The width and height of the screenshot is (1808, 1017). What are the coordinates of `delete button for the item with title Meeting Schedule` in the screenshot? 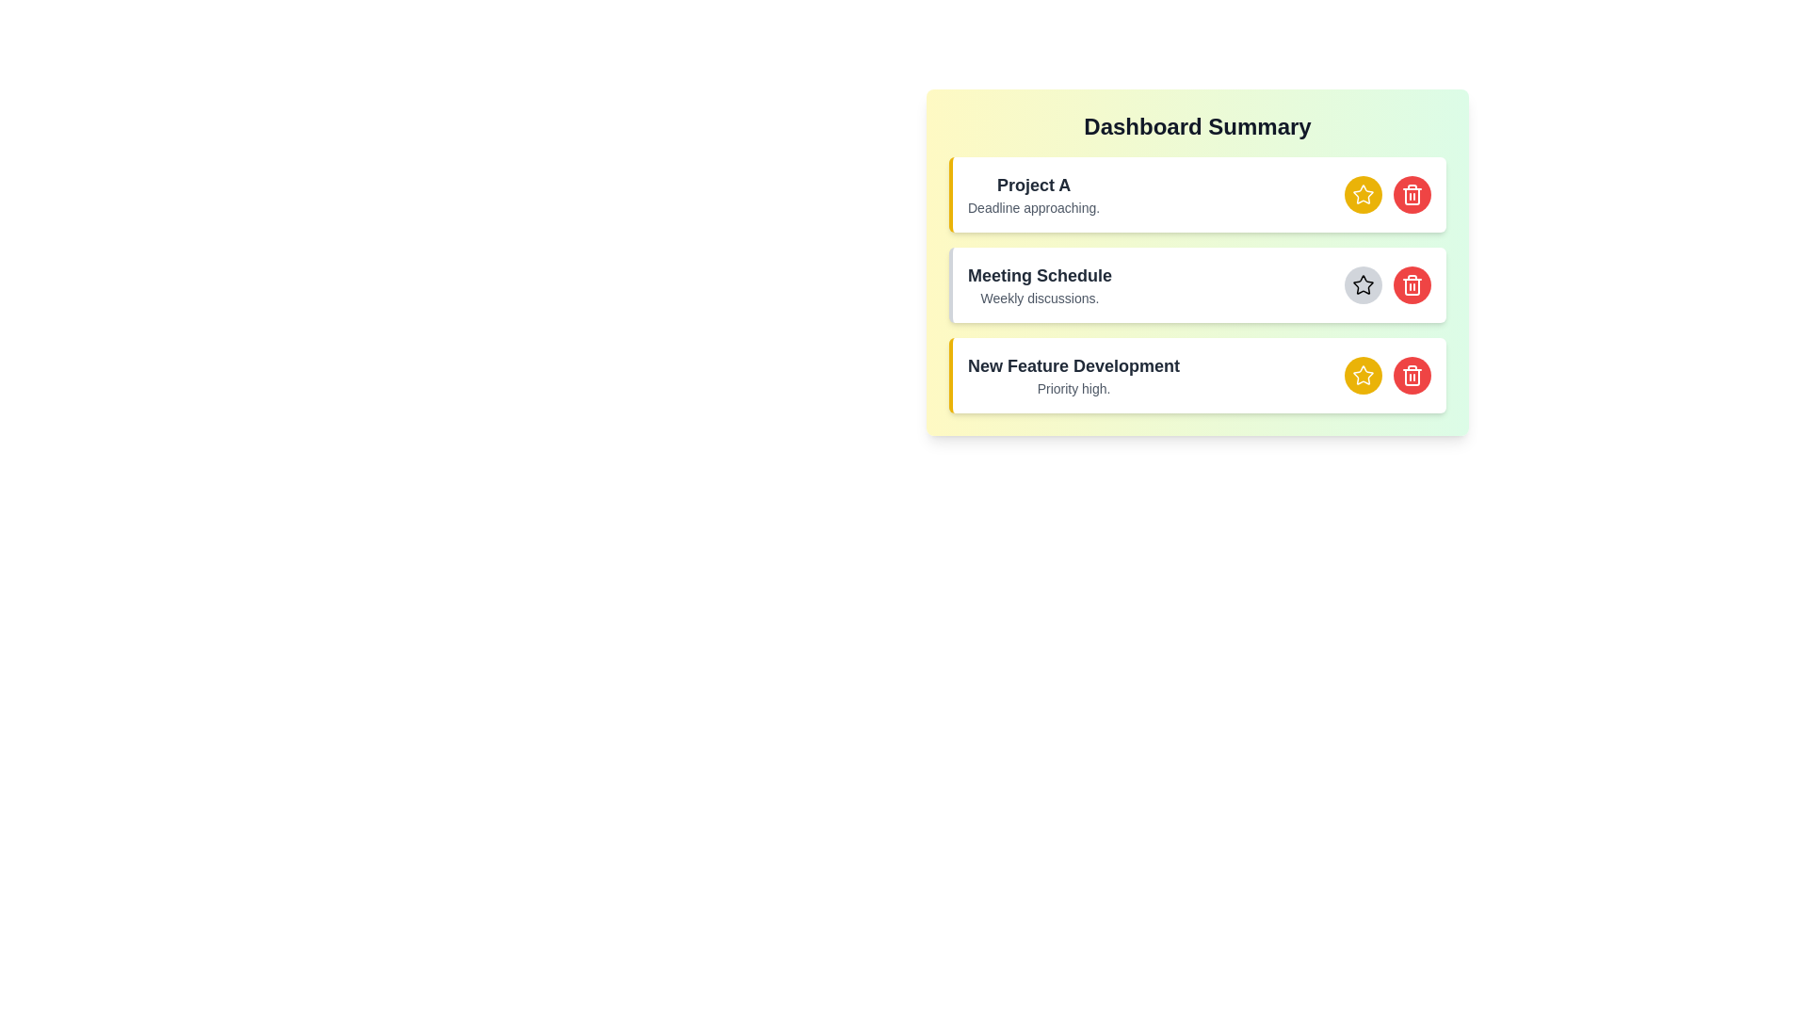 It's located at (1412, 285).